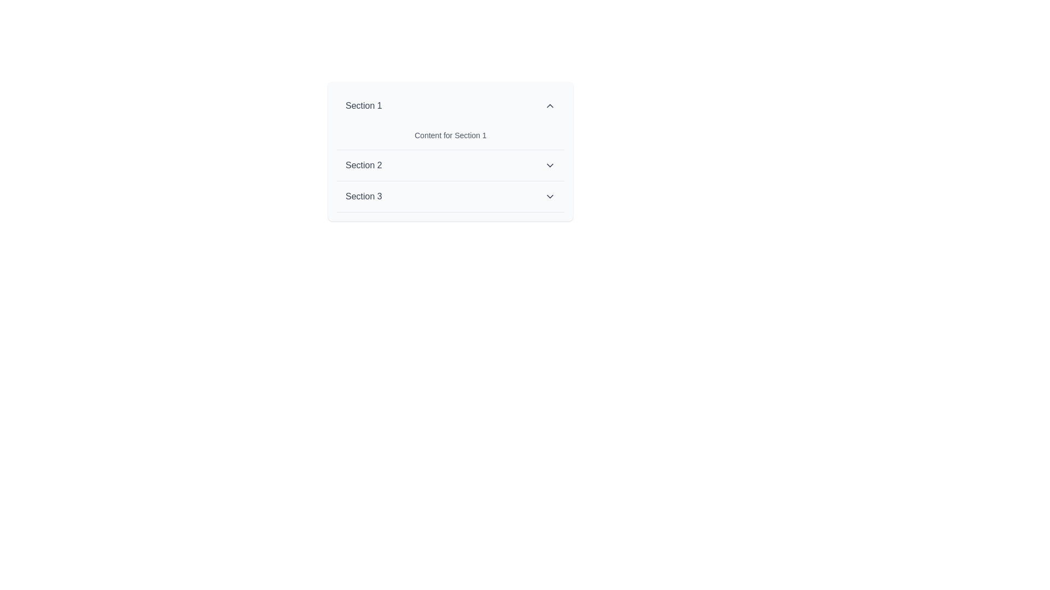 The height and width of the screenshot is (590, 1050). What do you see at coordinates (550, 105) in the screenshot?
I see `the upward-pointing chevron icon located at the upper right-hand side of the 'Section 1' header` at bounding box center [550, 105].